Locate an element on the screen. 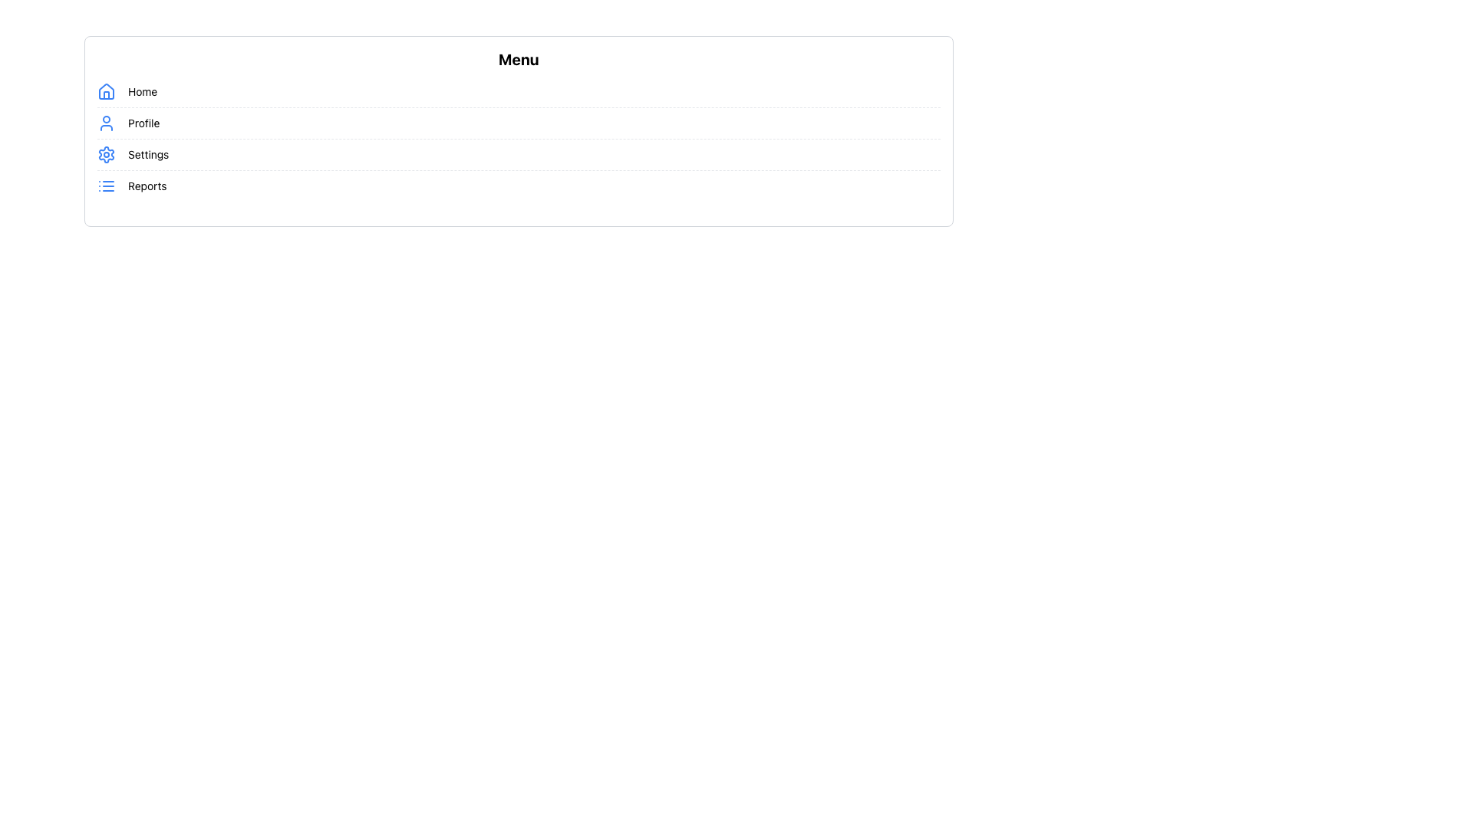 This screenshot has height=828, width=1473. the house-shaped icon with a blue stroke in the navigation menu, which is positioned to the left of the 'Home' text is located at coordinates (106, 91).